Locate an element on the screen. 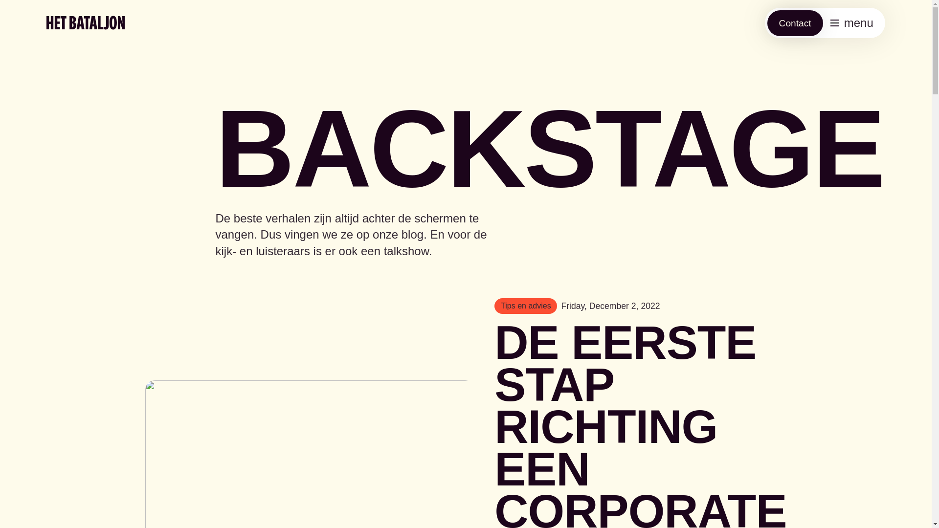  'Contact' is located at coordinates (795, 22).